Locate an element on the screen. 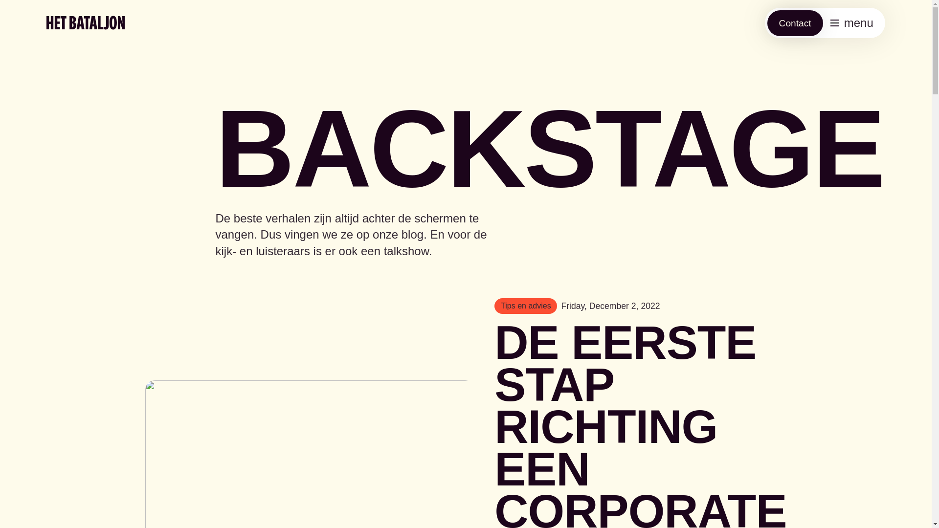  'Contact' is located at coordinates (795, 22).